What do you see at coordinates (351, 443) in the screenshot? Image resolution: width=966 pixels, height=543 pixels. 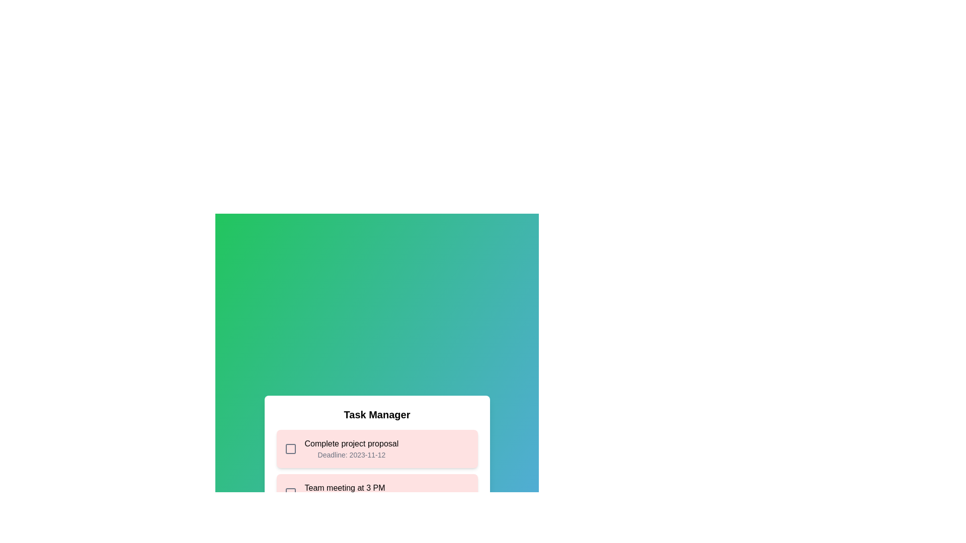 I see `the text label 'Complete project proposal' which is positioned at the top of the task card in the Task Manager section` at bounding box center [351, 443].